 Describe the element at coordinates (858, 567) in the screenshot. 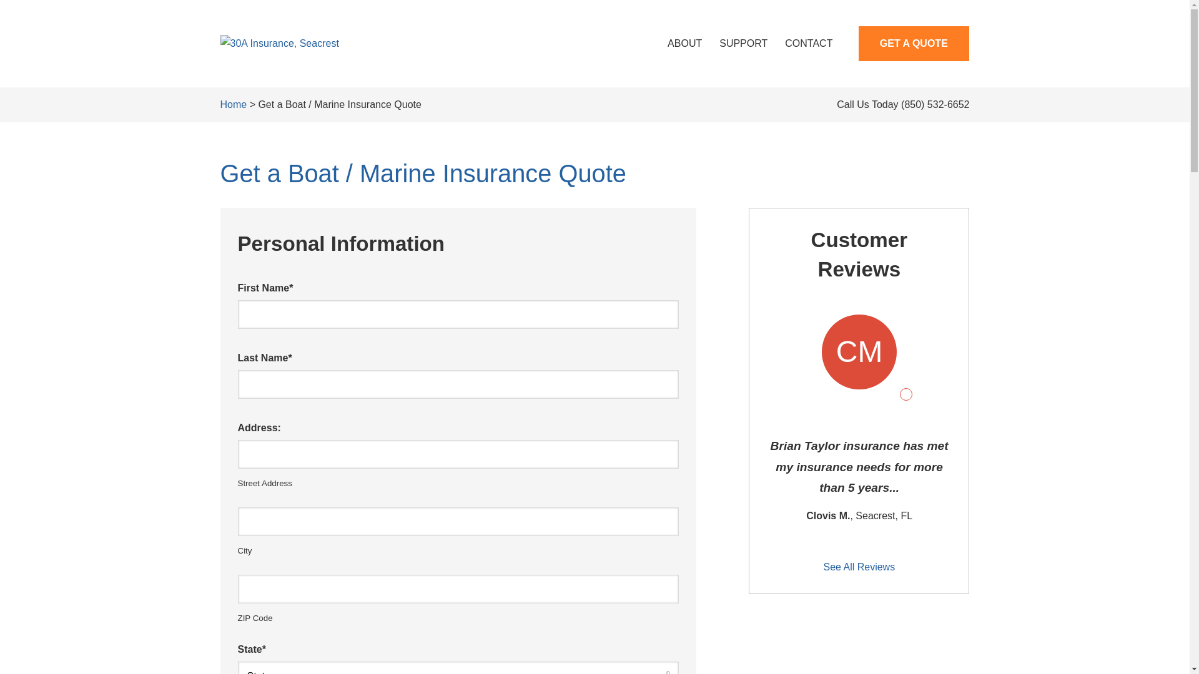

I see `'See All Reviews'` at that location.